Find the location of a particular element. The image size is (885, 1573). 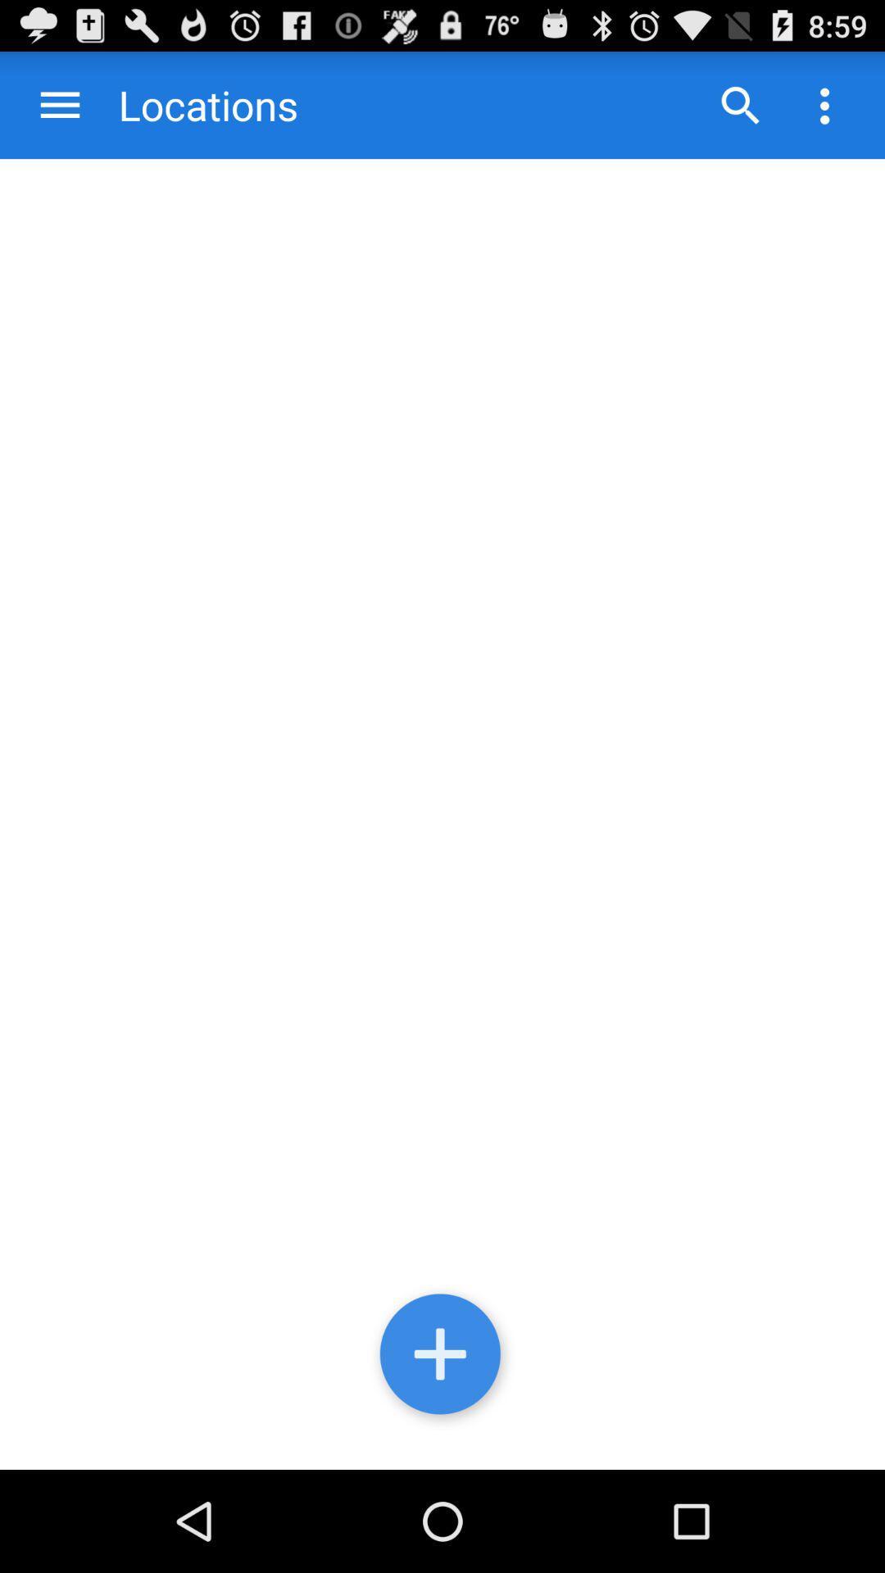

open option menu is located at coordinates (824, 104).